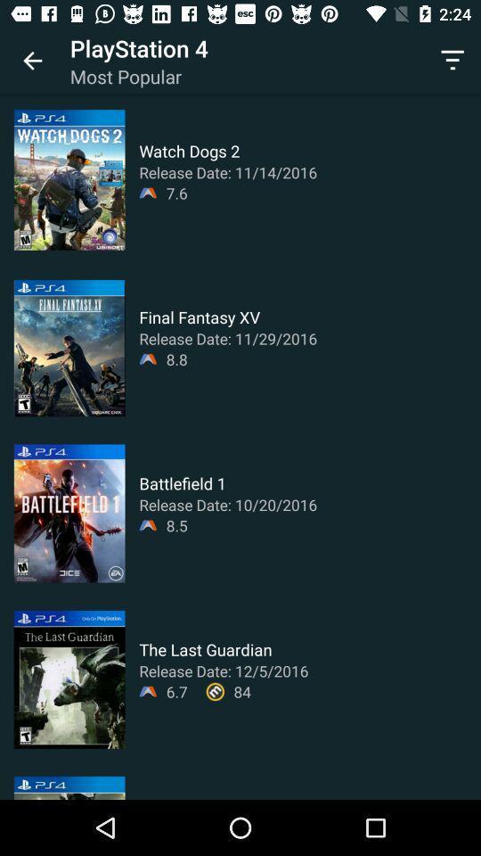 The width and height of the screenshot is (481, 856). I want to click on app next to playstation 4 item, so click(452, 61).